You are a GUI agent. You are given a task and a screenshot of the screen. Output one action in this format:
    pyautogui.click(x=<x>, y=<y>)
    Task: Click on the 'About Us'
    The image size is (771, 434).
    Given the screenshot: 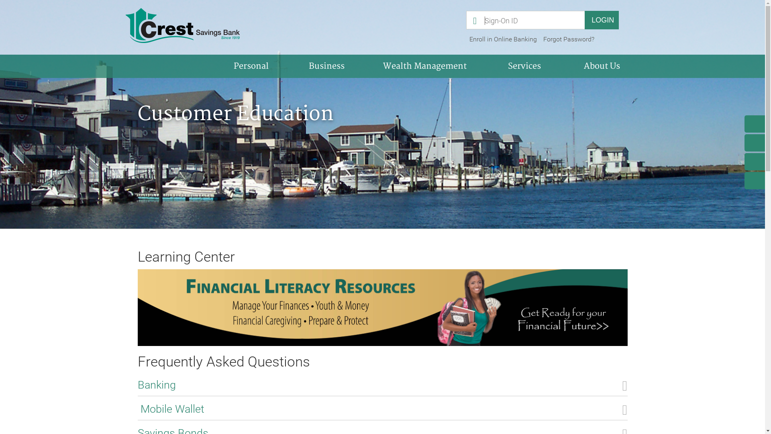 What is the action you would take?
    pyautogui.click(x=601, y=66)
    